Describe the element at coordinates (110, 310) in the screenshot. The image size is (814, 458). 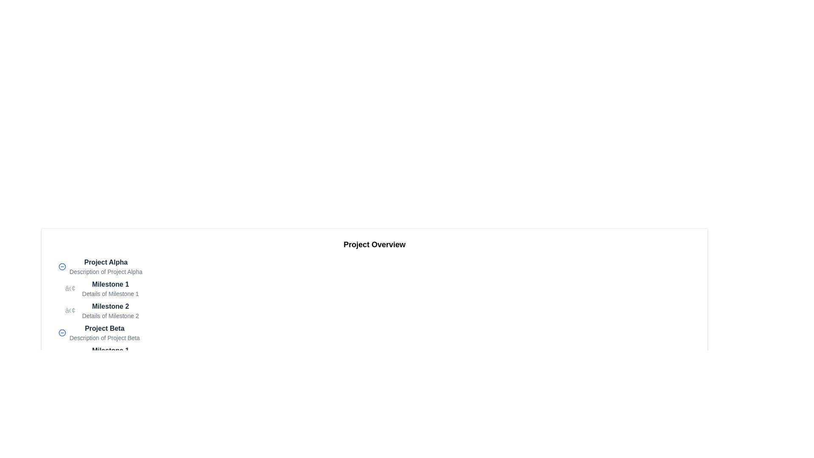
I see `the text block representing a milestone in 'Project Alpha' to associate it with related milestones` at that location.